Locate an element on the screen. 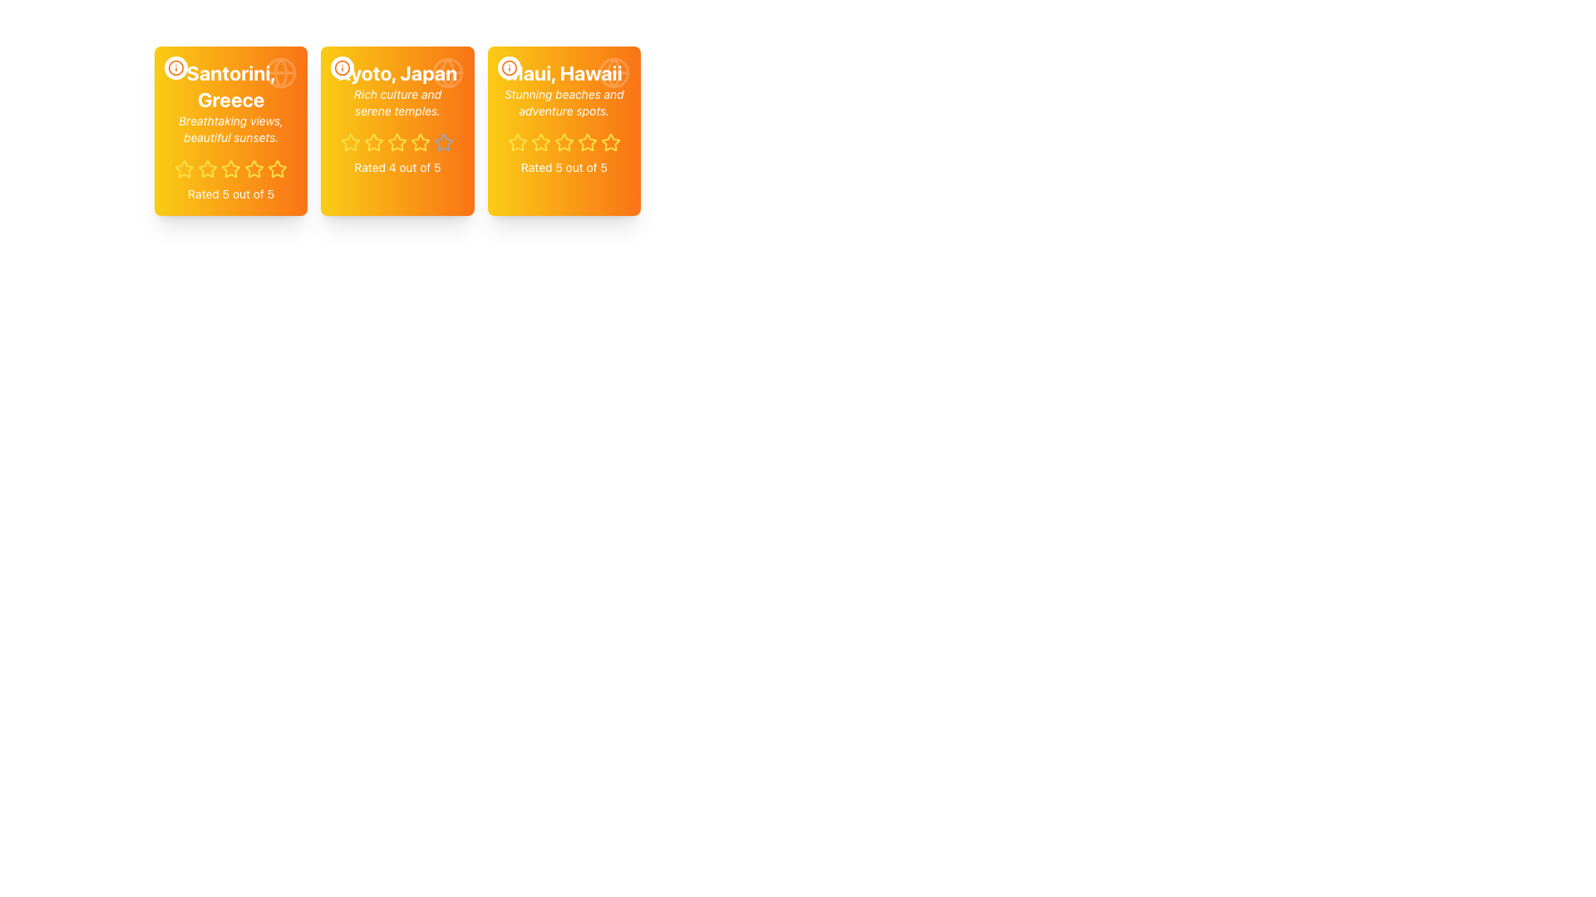  on the fifth star icon in the rating row of the 'Santorini, Greece' card, which is visually distinct with a filled yellow-orange color is located at coordinates (278, 169).